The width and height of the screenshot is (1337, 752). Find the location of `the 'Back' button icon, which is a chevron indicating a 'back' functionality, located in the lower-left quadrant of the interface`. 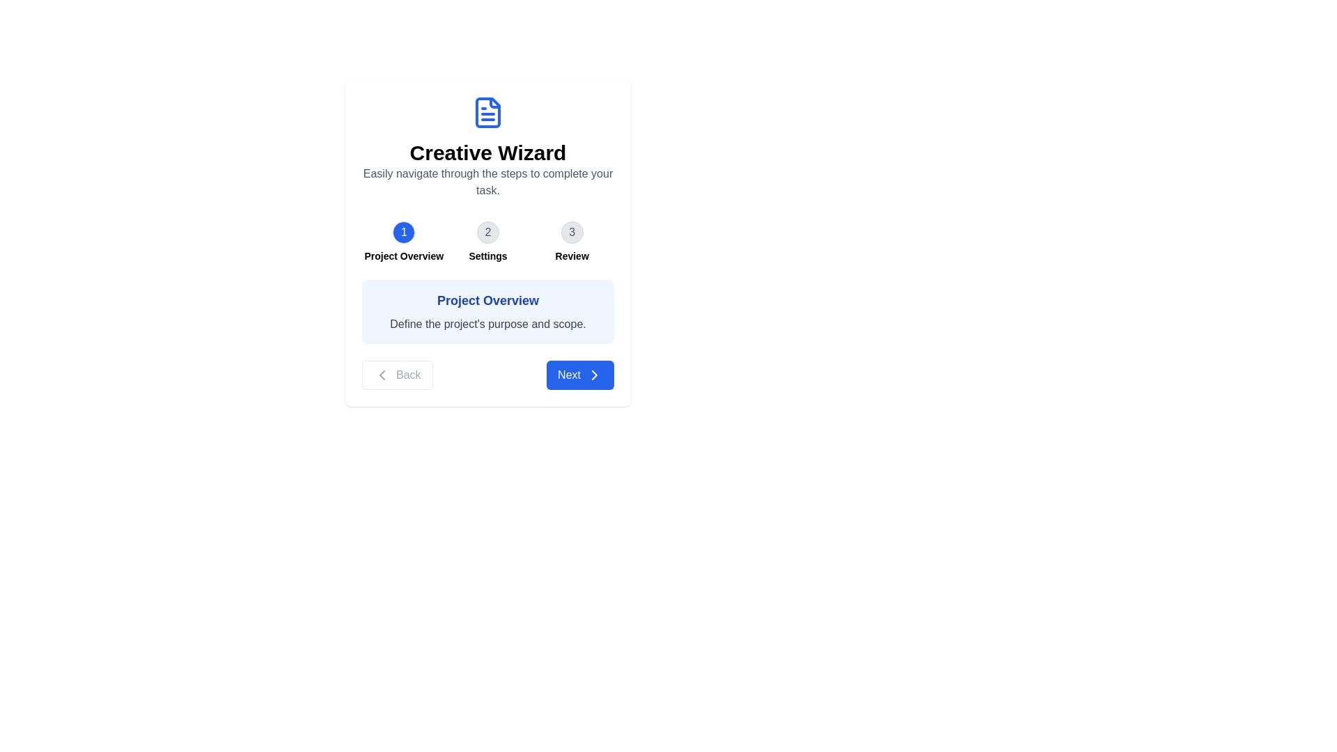

the 'Back' button icon, which is a chevron indicating a 'back' functionality, located in the lower-left quadrant of the interface is located at coordinates (382, 375).